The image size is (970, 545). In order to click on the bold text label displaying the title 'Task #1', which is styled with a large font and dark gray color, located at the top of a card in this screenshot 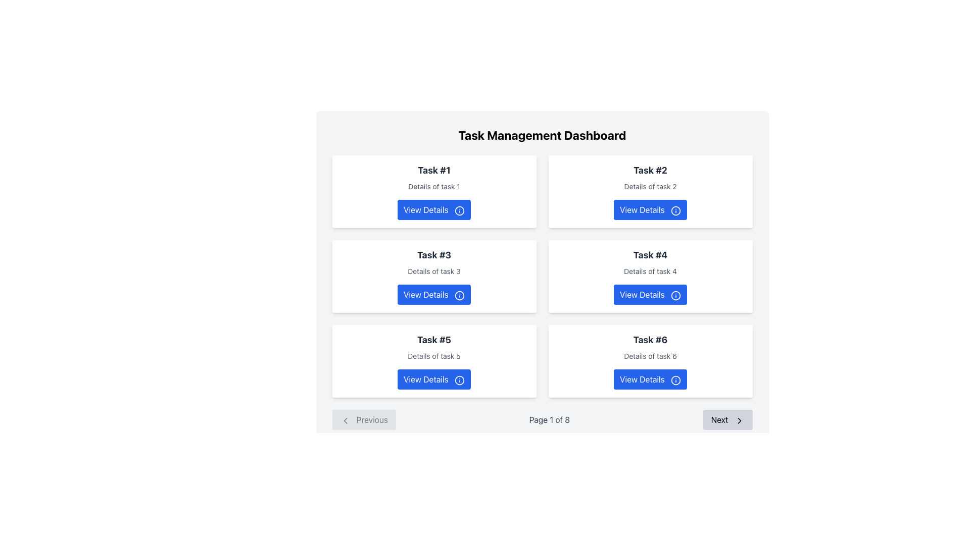, I will do `click(434, 170)`.